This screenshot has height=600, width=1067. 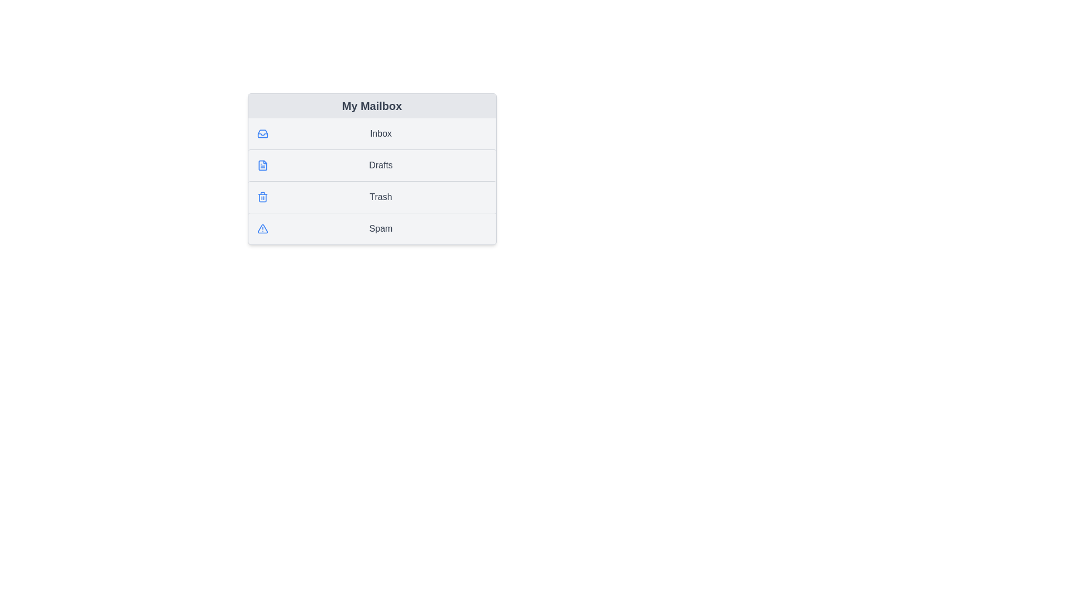 I want to click on the icon next to the Drafts list item, so click(x=262, y=165).